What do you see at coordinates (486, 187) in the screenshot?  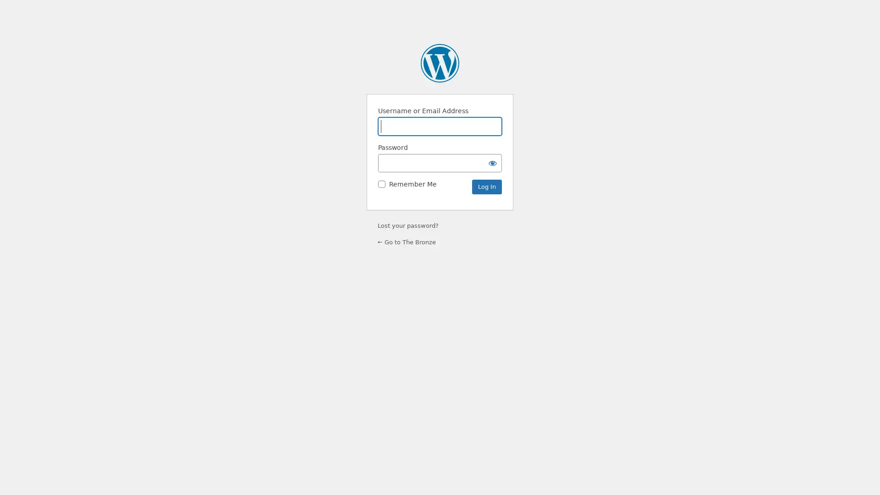 I see `Log In` at bounding box center [486, 187].